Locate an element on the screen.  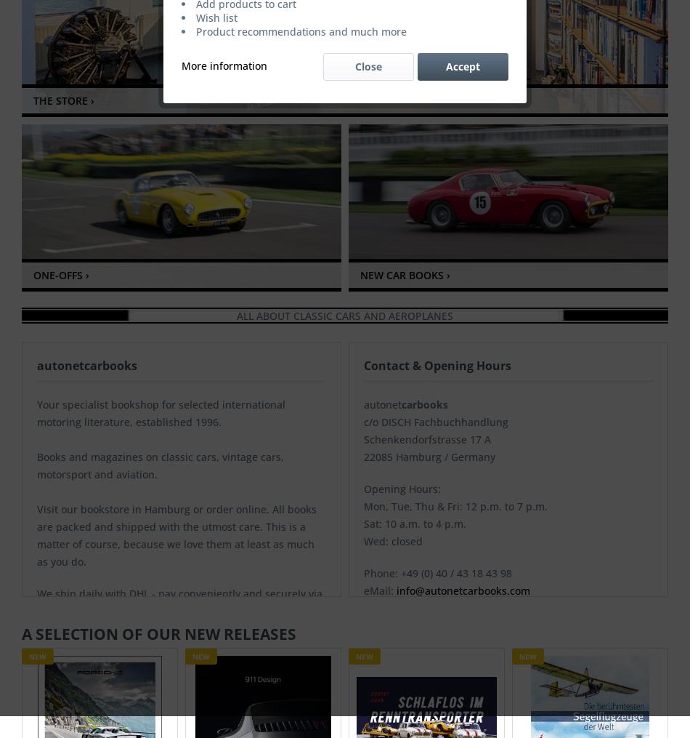
'22085 Hamburg / Germany' is located at coordinates (429, 455).